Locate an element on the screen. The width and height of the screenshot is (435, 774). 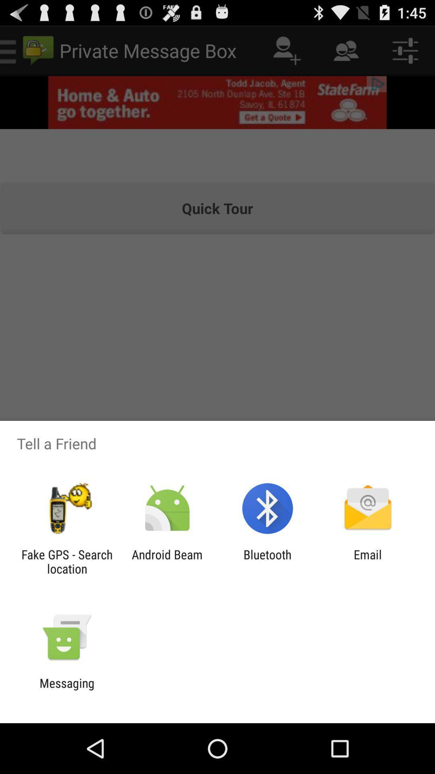
the item to the right of bluetooth is located at coordinates (368, 561).